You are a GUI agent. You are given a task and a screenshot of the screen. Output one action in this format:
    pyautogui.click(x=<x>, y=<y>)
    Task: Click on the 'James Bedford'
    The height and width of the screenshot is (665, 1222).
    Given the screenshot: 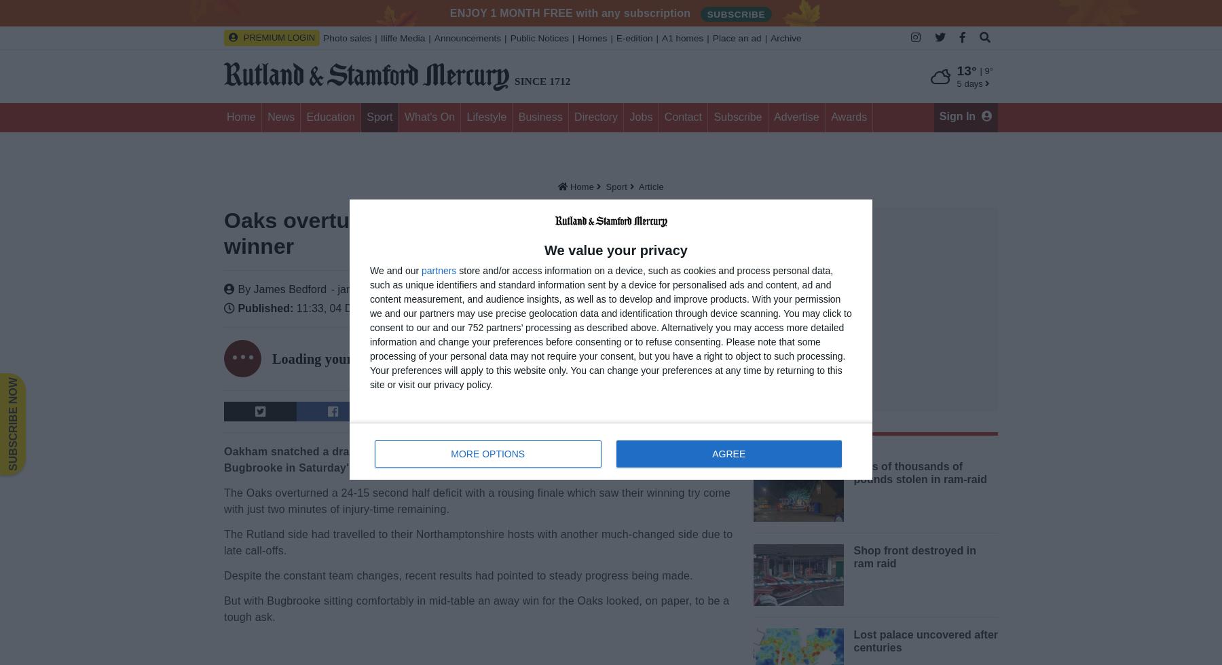 What is the action you would take?
    pyautogui.click(x=253, y=289)
    